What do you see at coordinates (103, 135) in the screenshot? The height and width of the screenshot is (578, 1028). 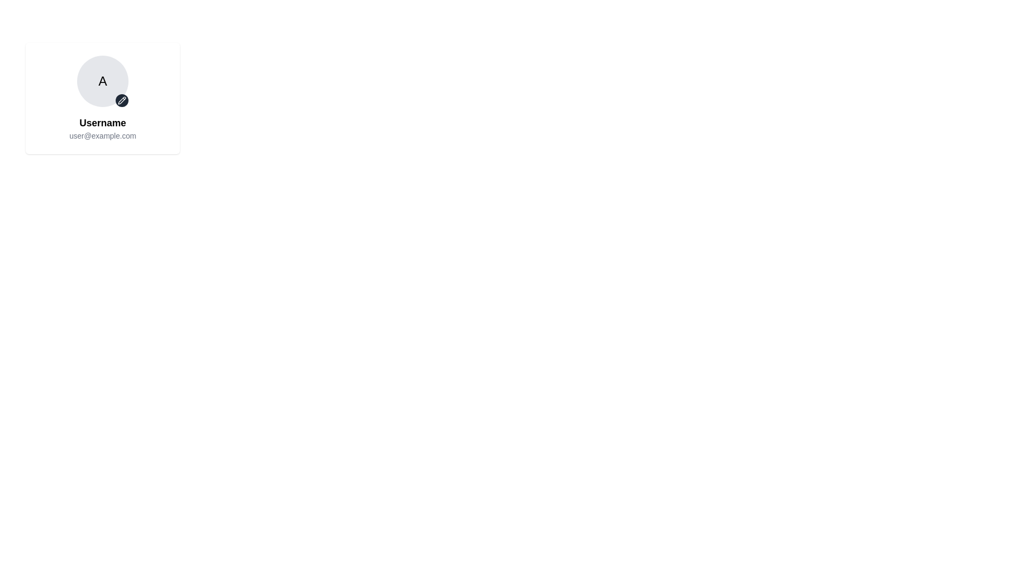 I see `text displayed in the email address Text Label, which is located directly below the Username label and serves to identify the user` at bounding box center [103, 135].